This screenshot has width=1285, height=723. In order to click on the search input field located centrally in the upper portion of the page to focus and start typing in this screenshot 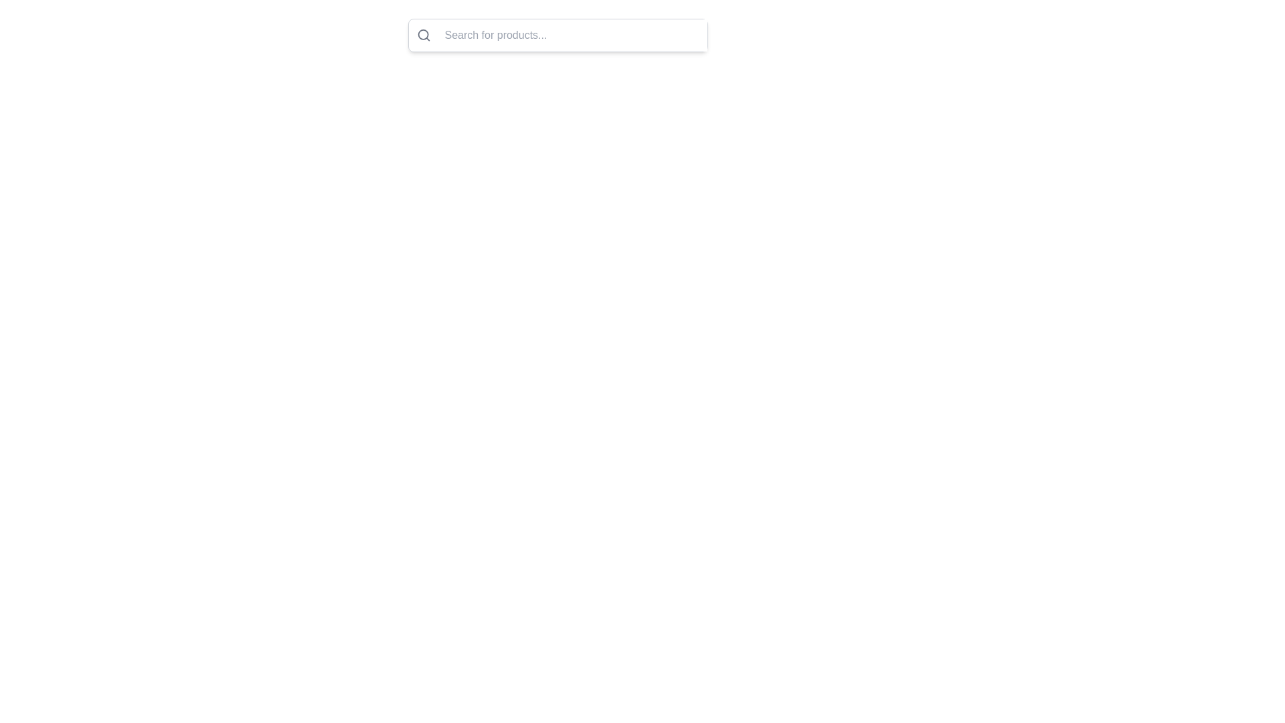, I will do `click(558, 35)`.